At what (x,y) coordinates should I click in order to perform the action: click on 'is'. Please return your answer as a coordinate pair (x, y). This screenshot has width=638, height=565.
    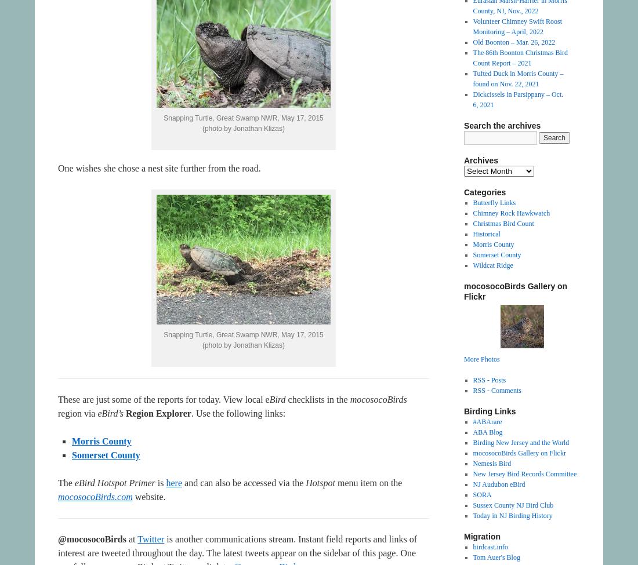
    Looking at the image, I should click on (154, 483).